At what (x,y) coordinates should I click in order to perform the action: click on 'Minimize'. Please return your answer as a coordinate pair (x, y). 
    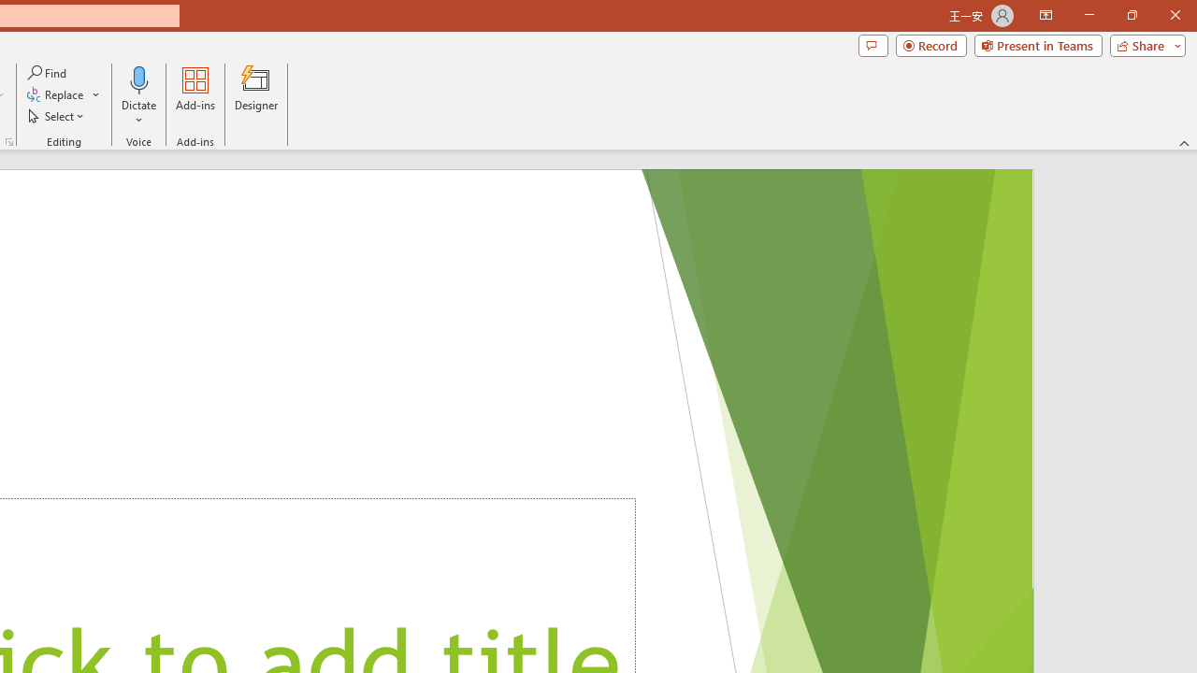
    Looking at the image, I should click on (1089, 15).